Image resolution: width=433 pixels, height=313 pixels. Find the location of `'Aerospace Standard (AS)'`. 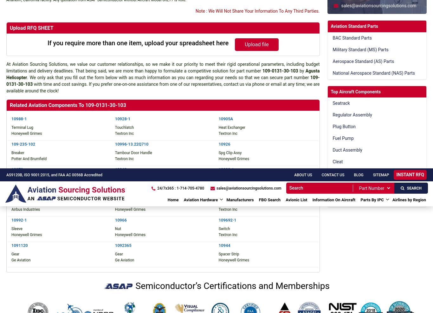

'Aerospace Standard (AS)' is located at coordinates (188, 38).